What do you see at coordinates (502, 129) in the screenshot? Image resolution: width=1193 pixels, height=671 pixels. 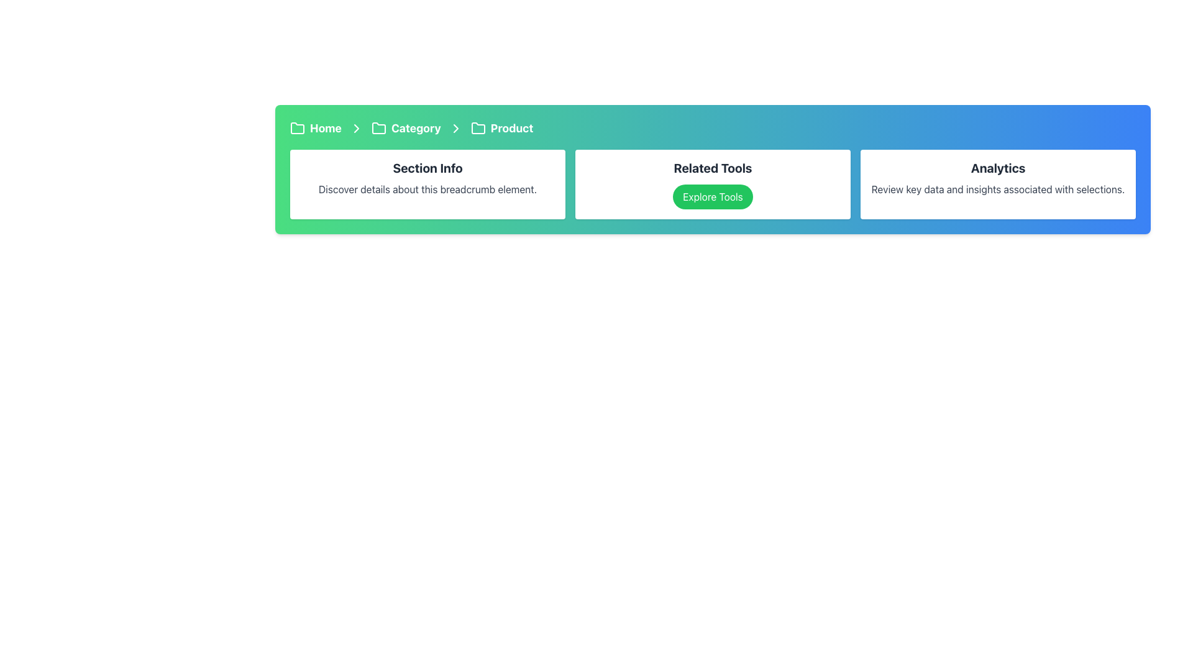 I see `the 'Product' link in the breadcrumb navigation at the top of the interface` at bounding box center [502, 129].